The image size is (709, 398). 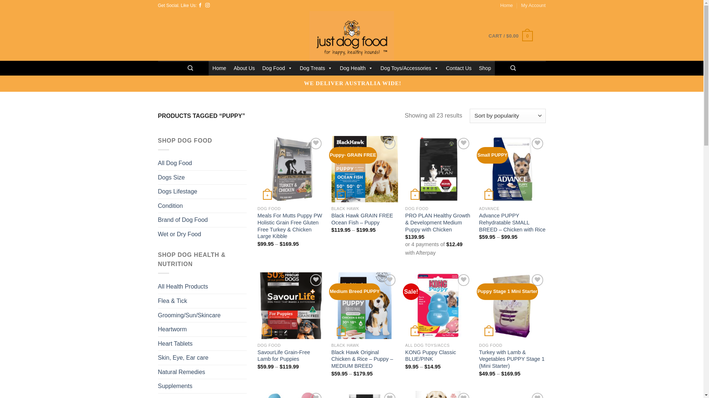 I want to click on 'Dog Health', so click(x=336, y=68).